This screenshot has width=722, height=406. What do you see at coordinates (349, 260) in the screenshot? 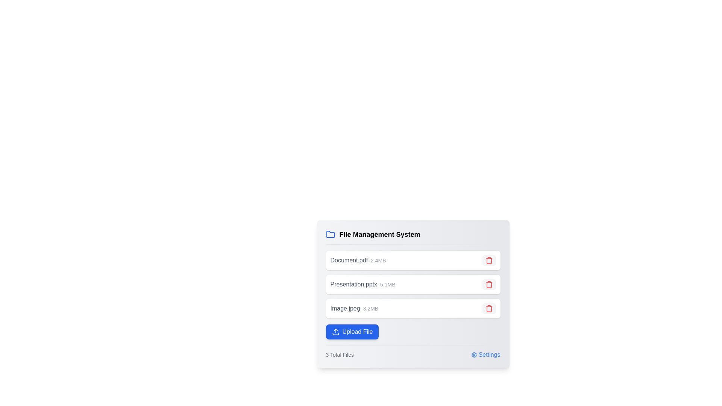
I see `the text label displaying the filename of the first file entry in the file management system's file list` at bounding box center [349, 260].